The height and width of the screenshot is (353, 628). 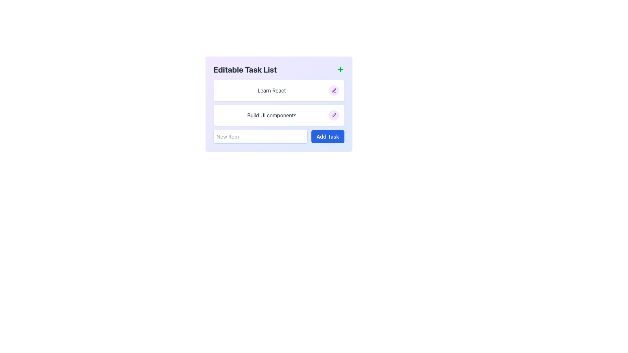 What do you see at coordinates (279, 91) in the screenshot?
I see `on the task display block titled 'Learn React'` at bounding box center [279, 91].